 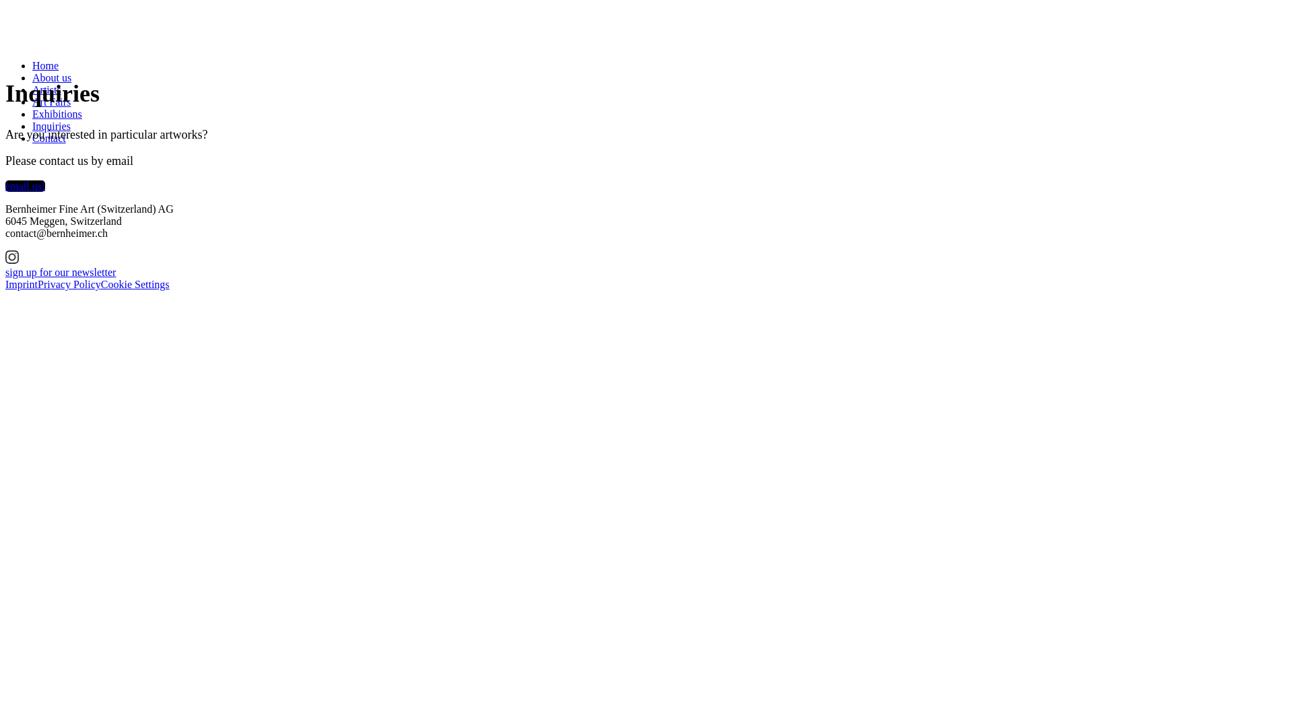 What do you see at coordinates (22, 283) in the screenshot?
I see `'Imprint'` at bounding box center [22, 283].